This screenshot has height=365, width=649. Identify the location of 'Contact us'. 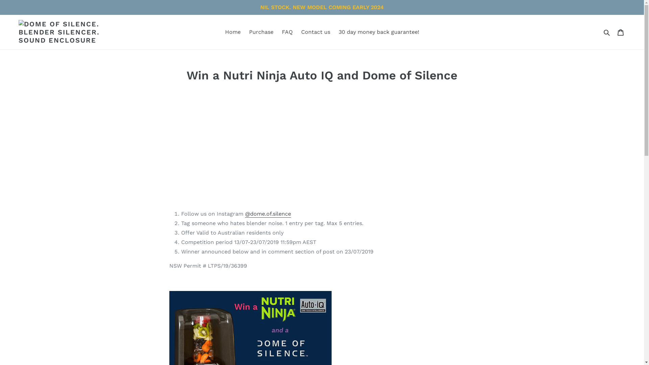
(315, 32).